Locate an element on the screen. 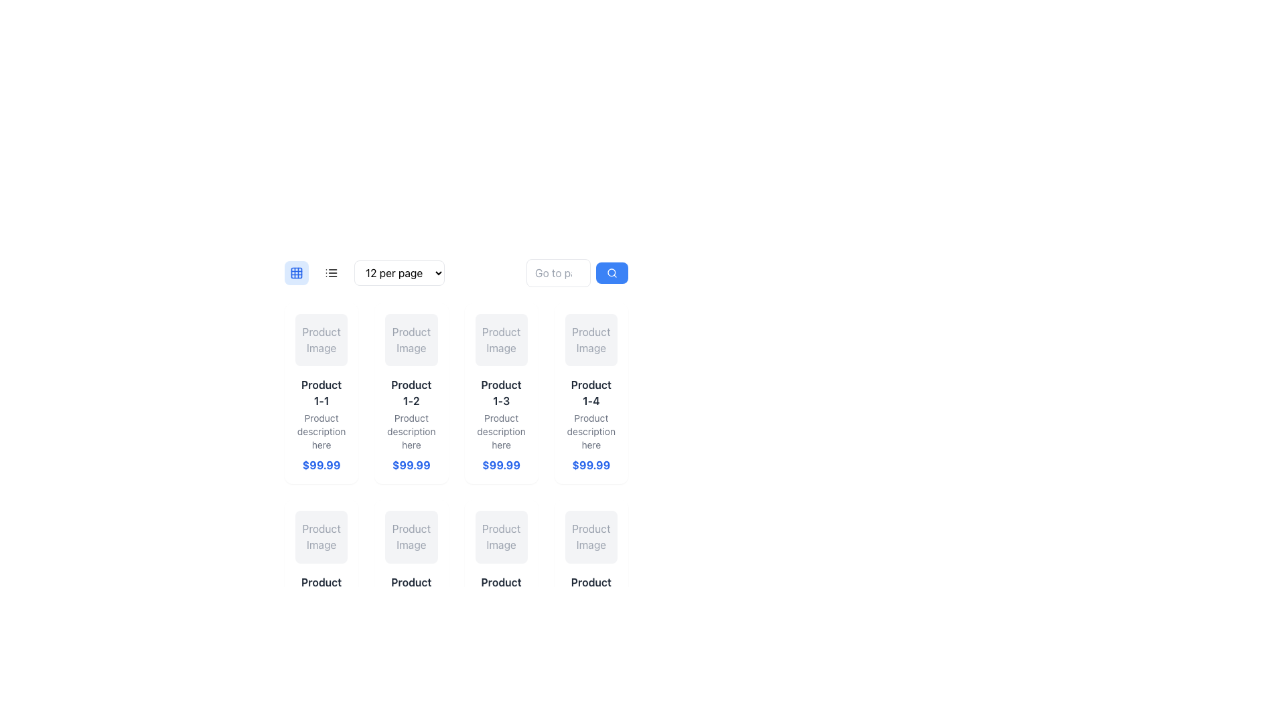 The height and width of the screenshot is (723, 1286). the Text Label element that displays 'Product description here', positioned below the product title 'Product 1-4' and above the price '$99.99' within the product card is located at coordinates (590, 432).